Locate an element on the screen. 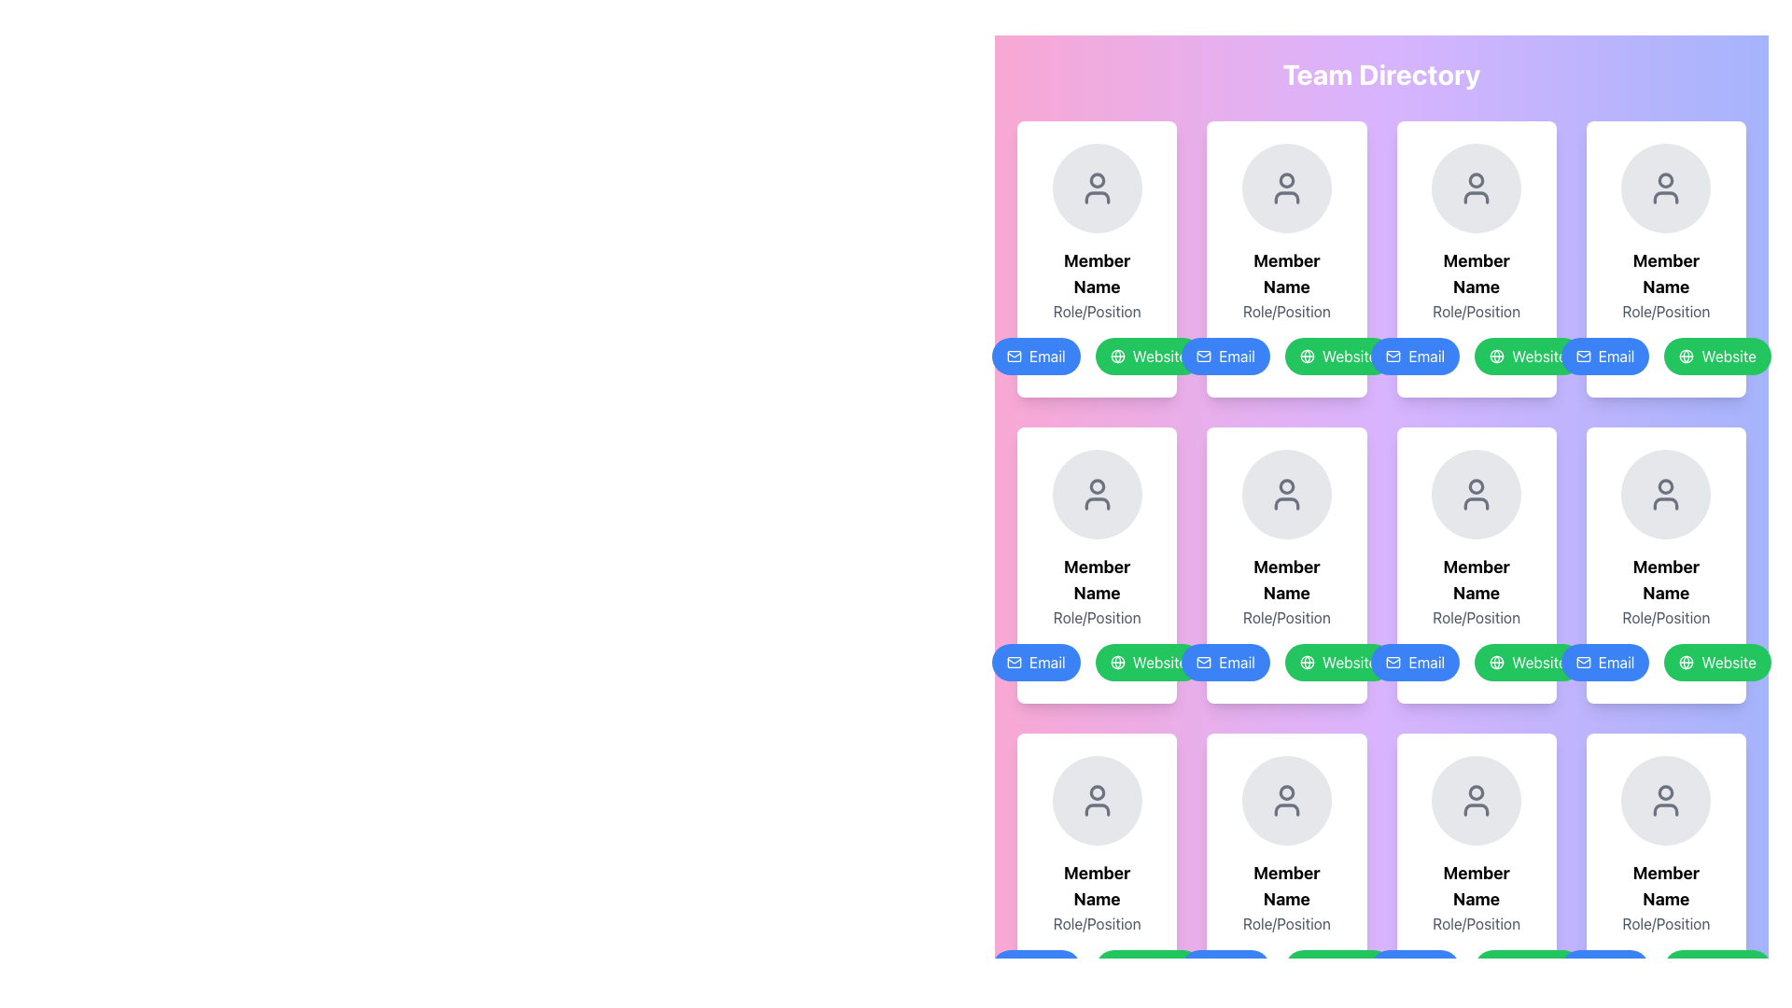 The image size is (1792, 1008). the green 'Website' button located at the bottom center of the member's profile card to visit the member's website is located at coordinates (1097, 967).